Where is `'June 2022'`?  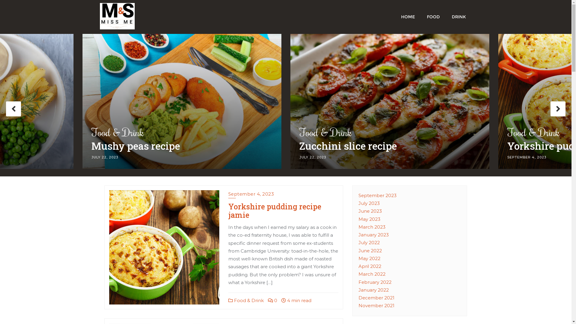 'June 2022' is located at coordinates (370, 250).